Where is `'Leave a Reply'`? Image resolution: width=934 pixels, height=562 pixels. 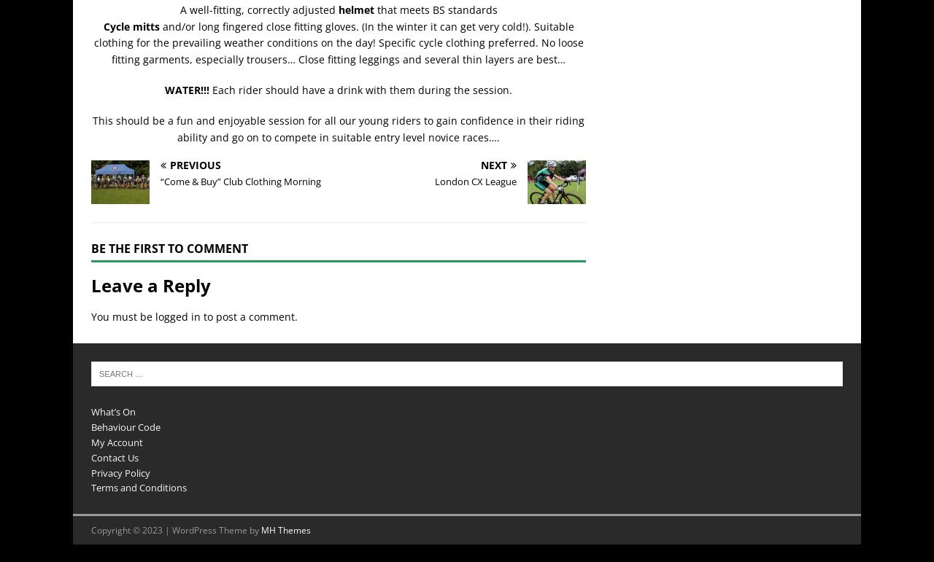 'Leave a Reply' is located at coordinates (150, 284).